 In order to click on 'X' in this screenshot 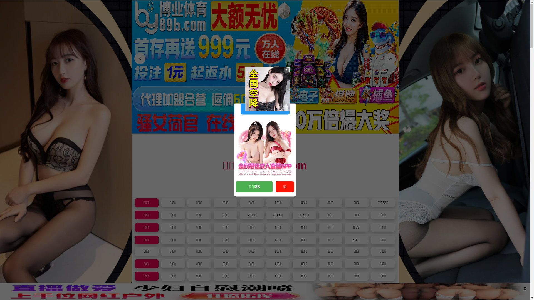, I will do `click(524, 289)`.